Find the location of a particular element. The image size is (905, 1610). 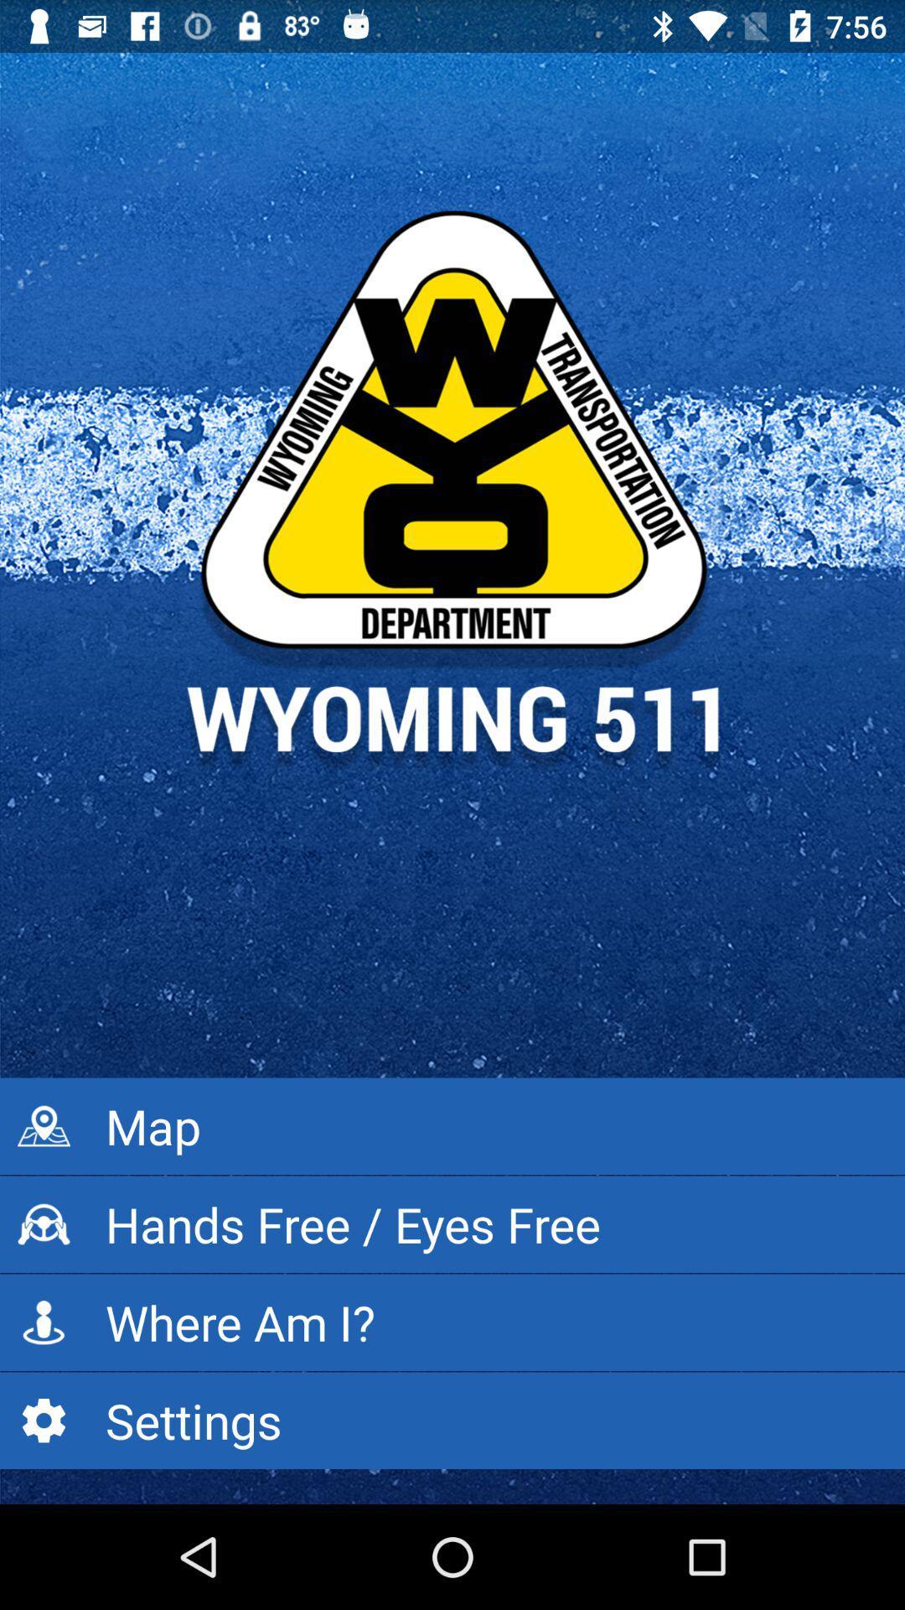

the map app is located at coordinates (452, 1126).